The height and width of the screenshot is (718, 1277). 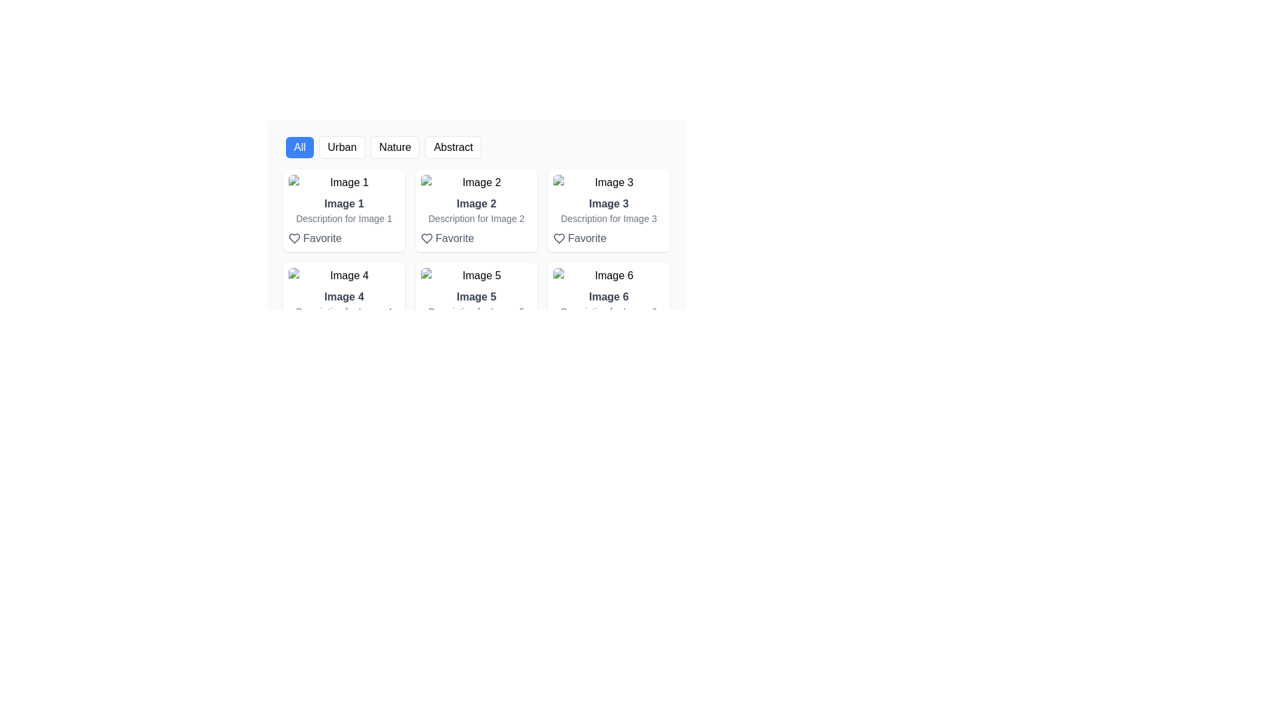 What do you see at coordinates (427, 237) in the screenshot?
I see `the favorite icon located below 'Image 2' in the second column of the image grid to mark it as a favorite` at bounding box center [427, 237].